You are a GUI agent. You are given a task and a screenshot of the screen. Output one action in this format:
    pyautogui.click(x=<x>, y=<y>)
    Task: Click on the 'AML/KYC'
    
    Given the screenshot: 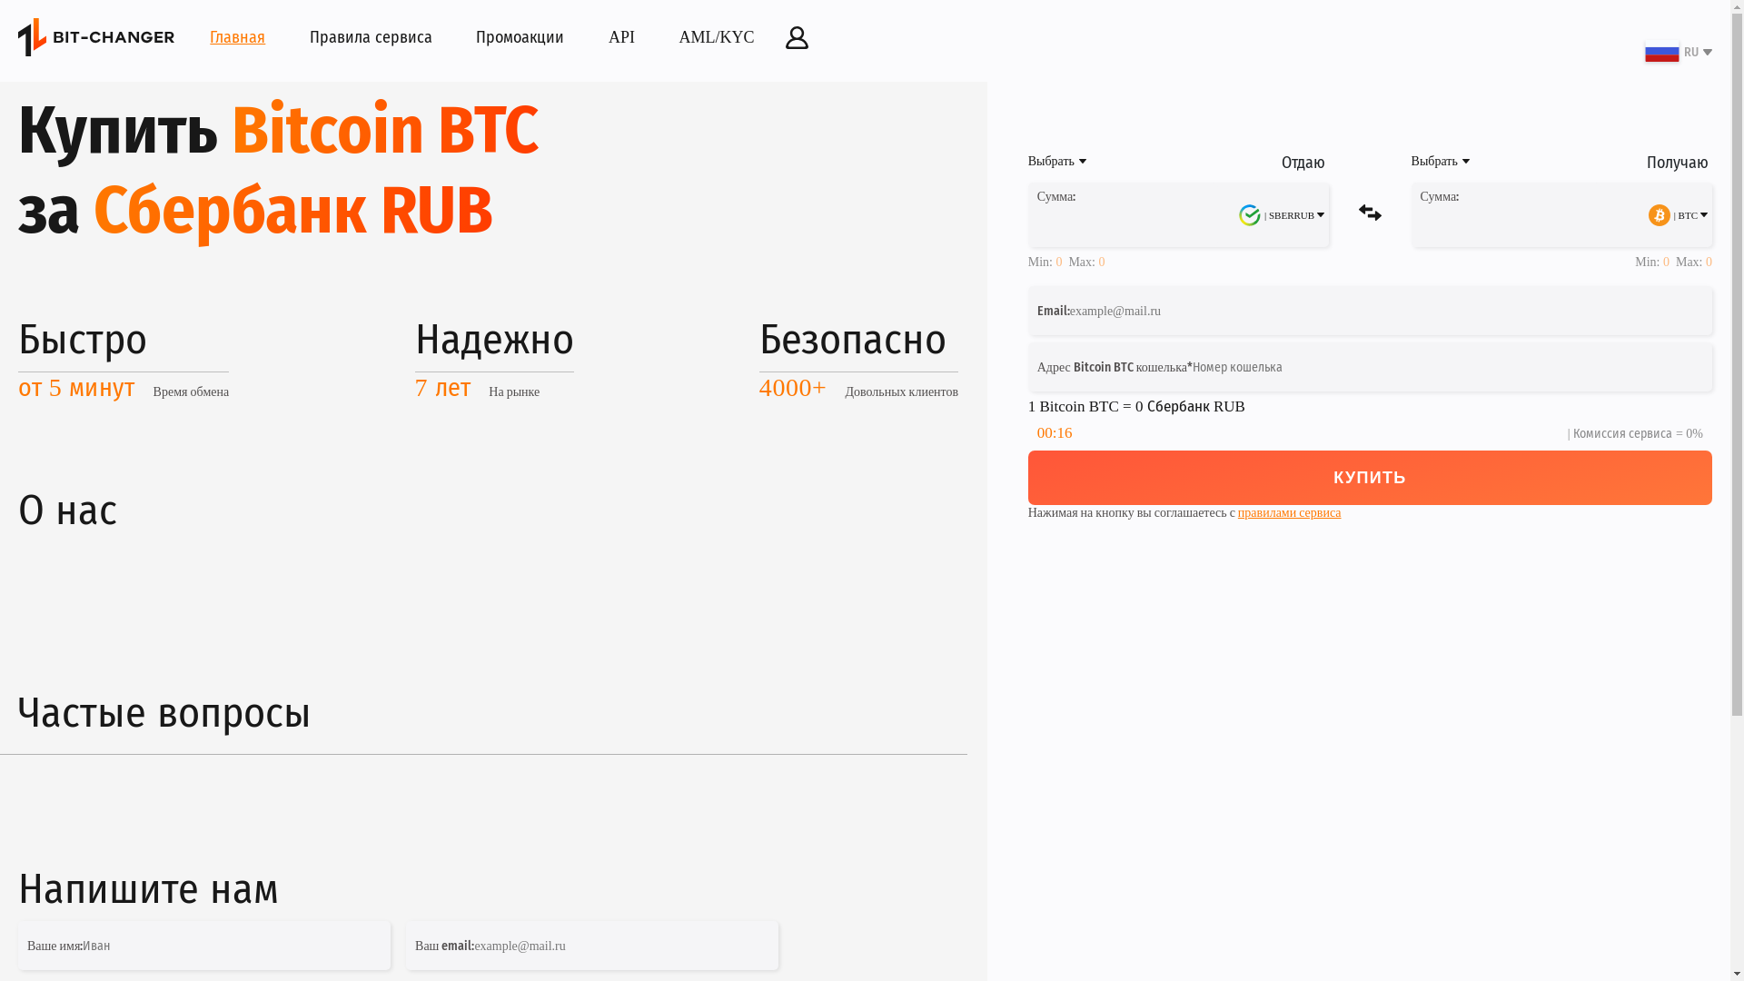 What is the action you would take?
    pyautogui.click(x=716, y=37)
    